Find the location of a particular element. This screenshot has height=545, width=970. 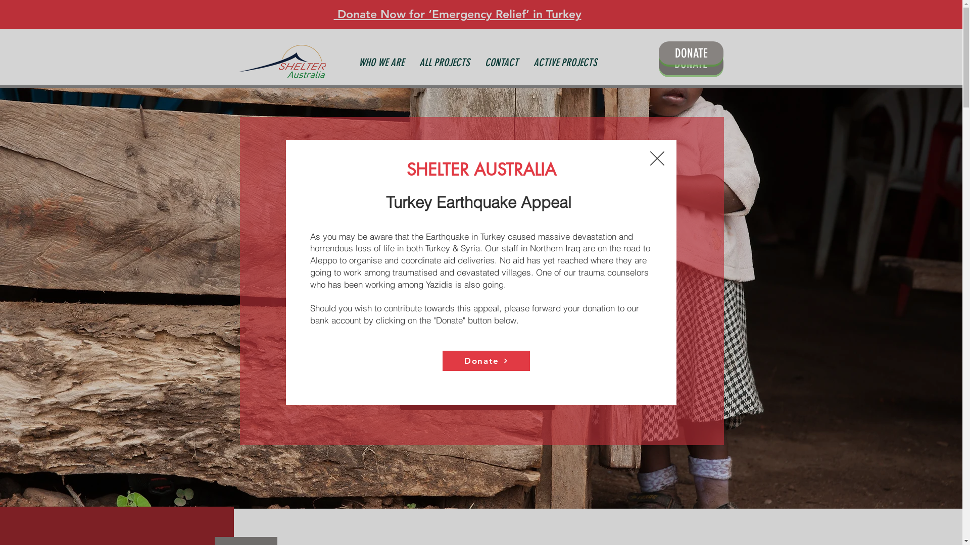

'WHO WE ARE' is located at coordinates (380, 62).